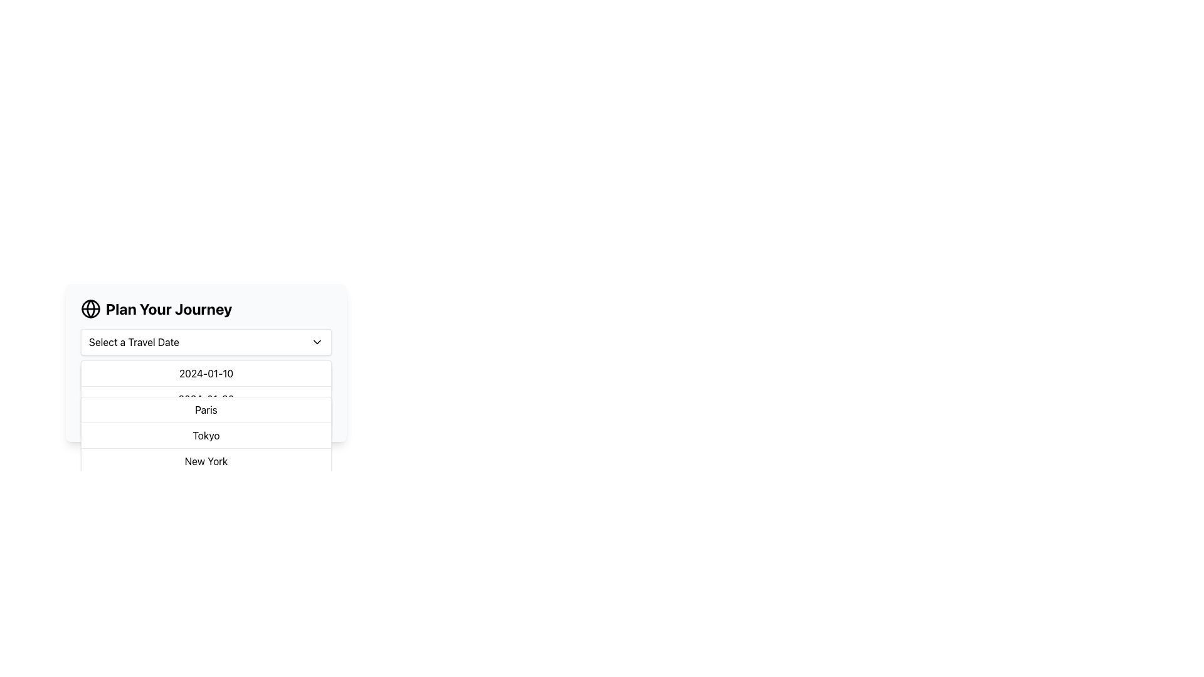 The width and height of the screenshot is (1204, 677). Describe the element at coordinates (206, 414) in the screenshot. I see `to select the dropdown menu option labeled 'Paris', which is the second item in the destination selection list under the 'Plan Your Journey' panel` at that location.